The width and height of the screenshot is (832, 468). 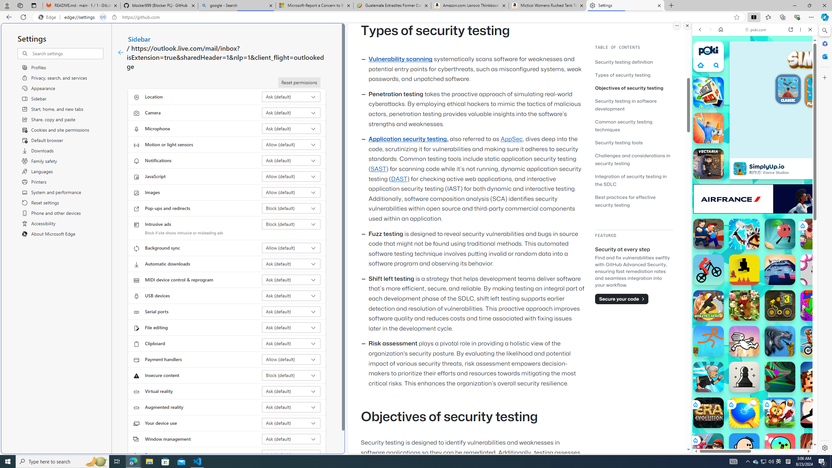 What do you see at coordinates (632, 159) in the screenshot?
I see `'Challenges and considerations in security testing'` at bounding box center [632, 159].